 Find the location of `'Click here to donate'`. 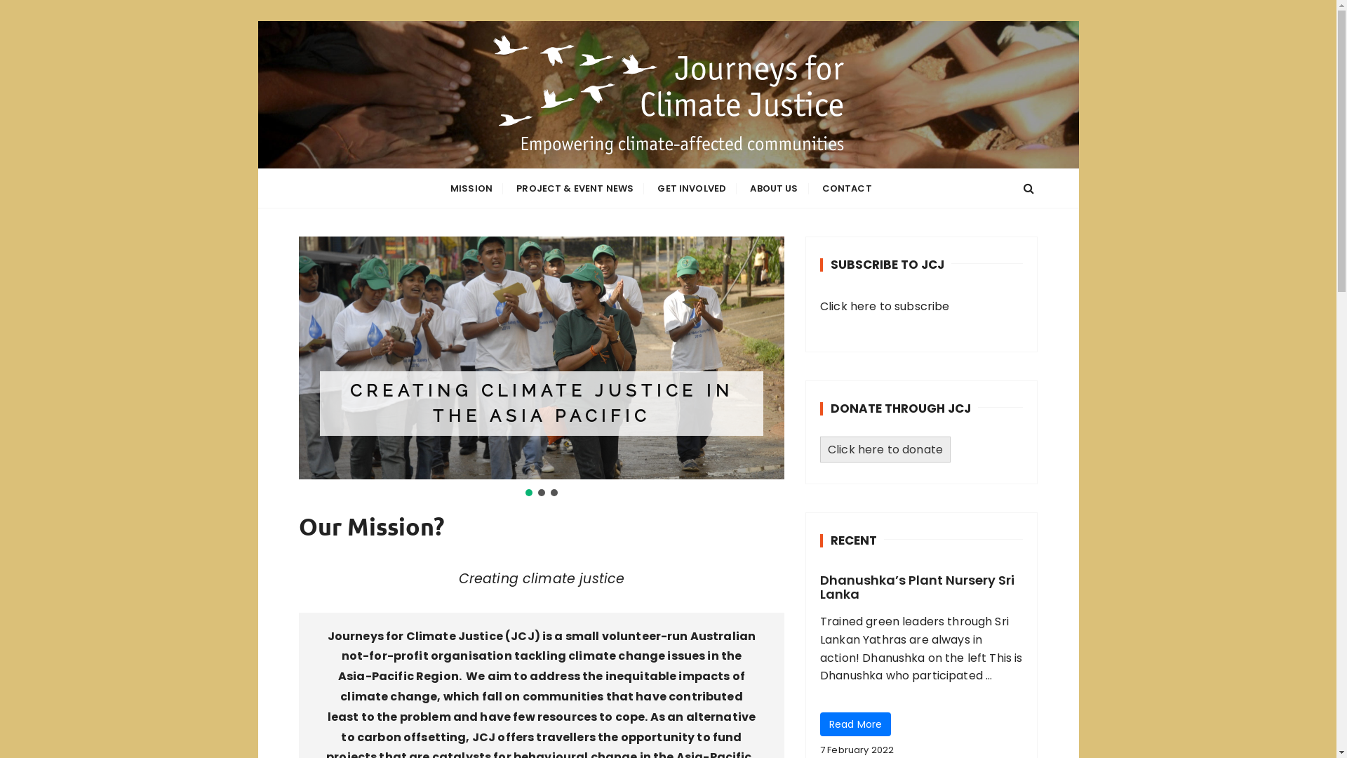

'Click here to donate' is located at coordinates (885, 449).